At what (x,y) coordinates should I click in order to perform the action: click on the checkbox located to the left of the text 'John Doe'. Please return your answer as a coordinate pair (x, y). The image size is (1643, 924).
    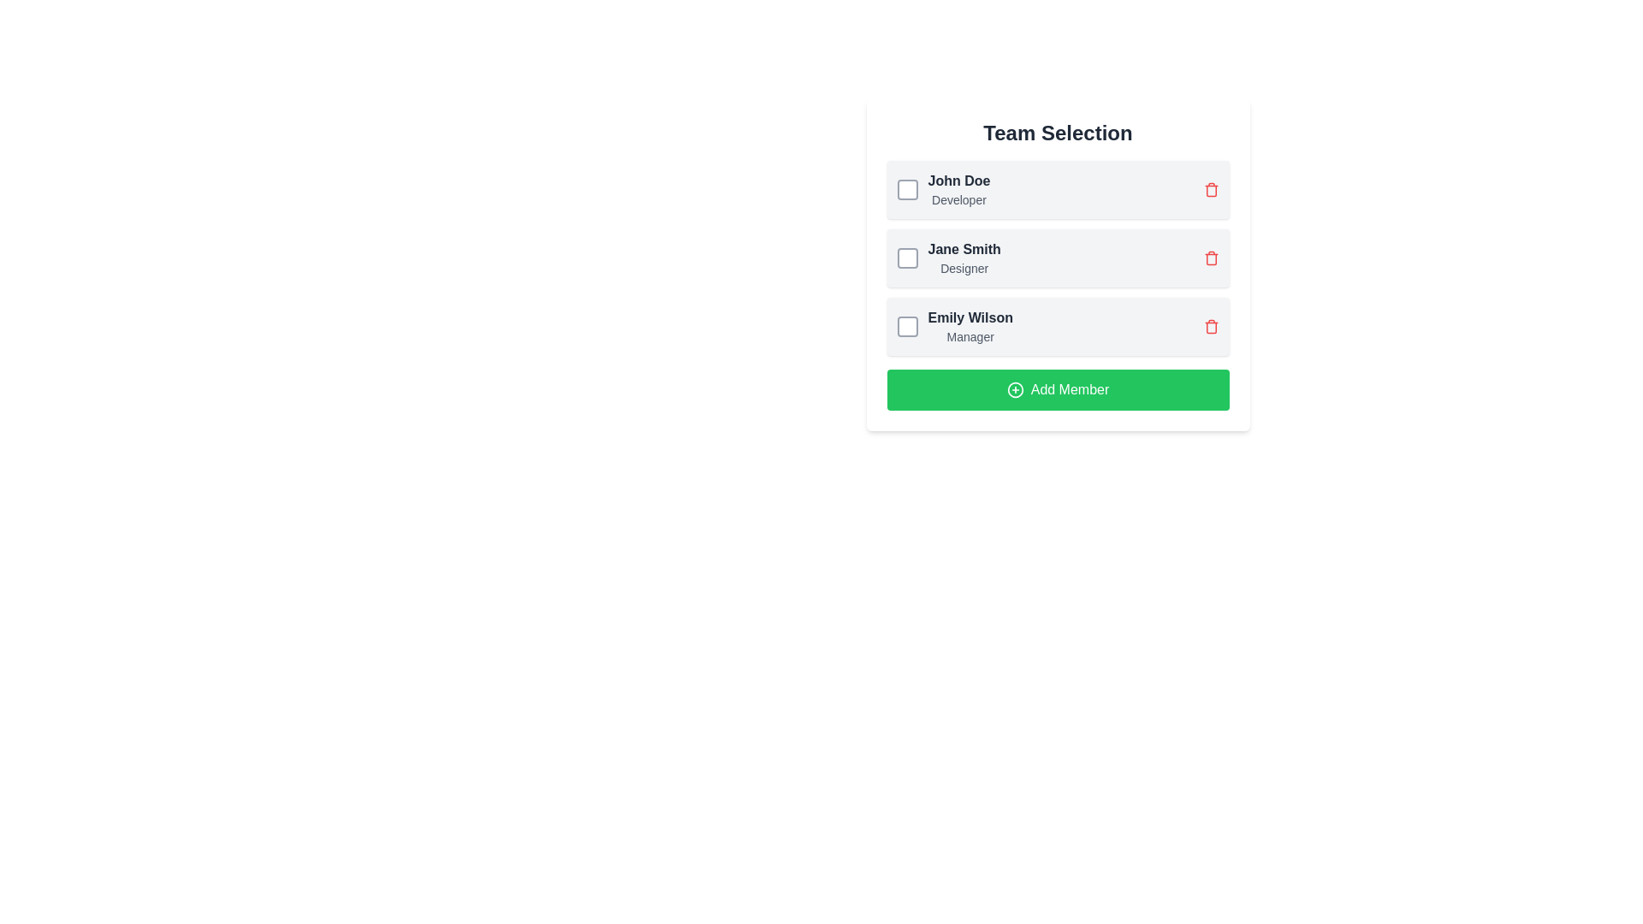
    Looking at the image, I should click on (906, 190).